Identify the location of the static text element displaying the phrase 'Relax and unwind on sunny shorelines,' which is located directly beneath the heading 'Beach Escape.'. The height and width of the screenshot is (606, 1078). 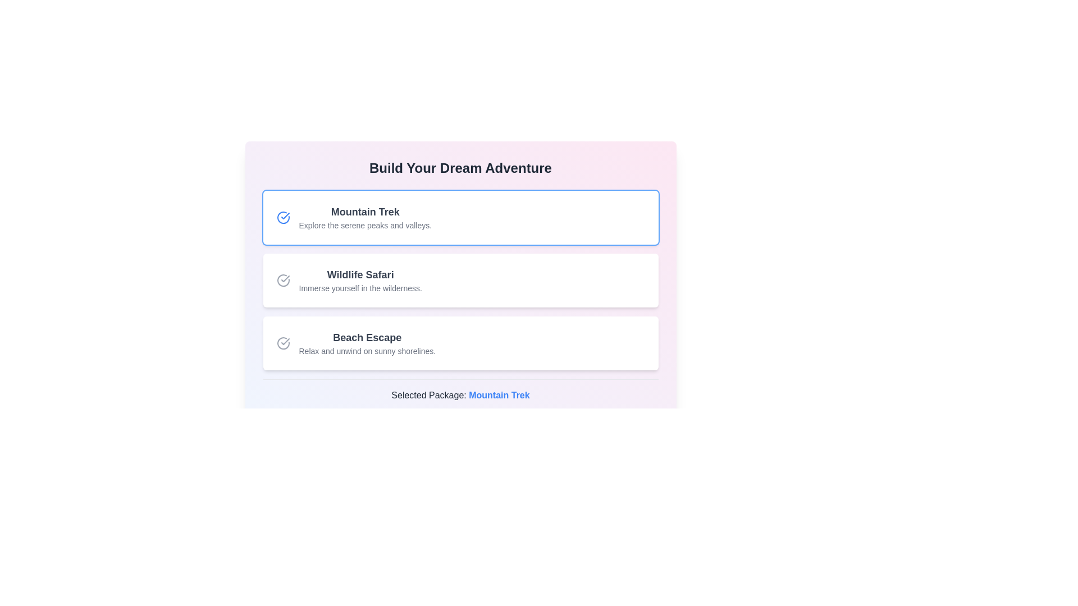
(367, 350).